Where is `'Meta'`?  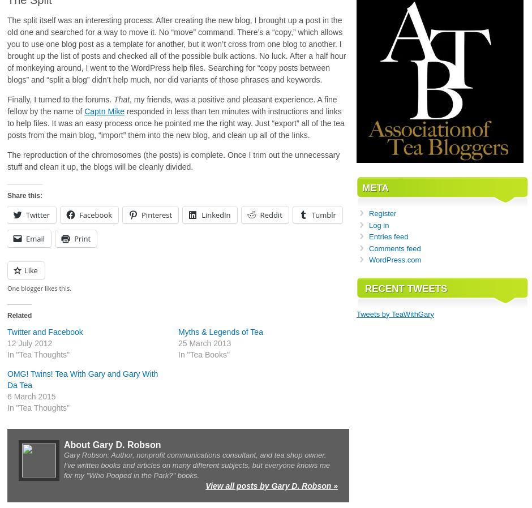
'Meta' is located at coordinates (375, 188).